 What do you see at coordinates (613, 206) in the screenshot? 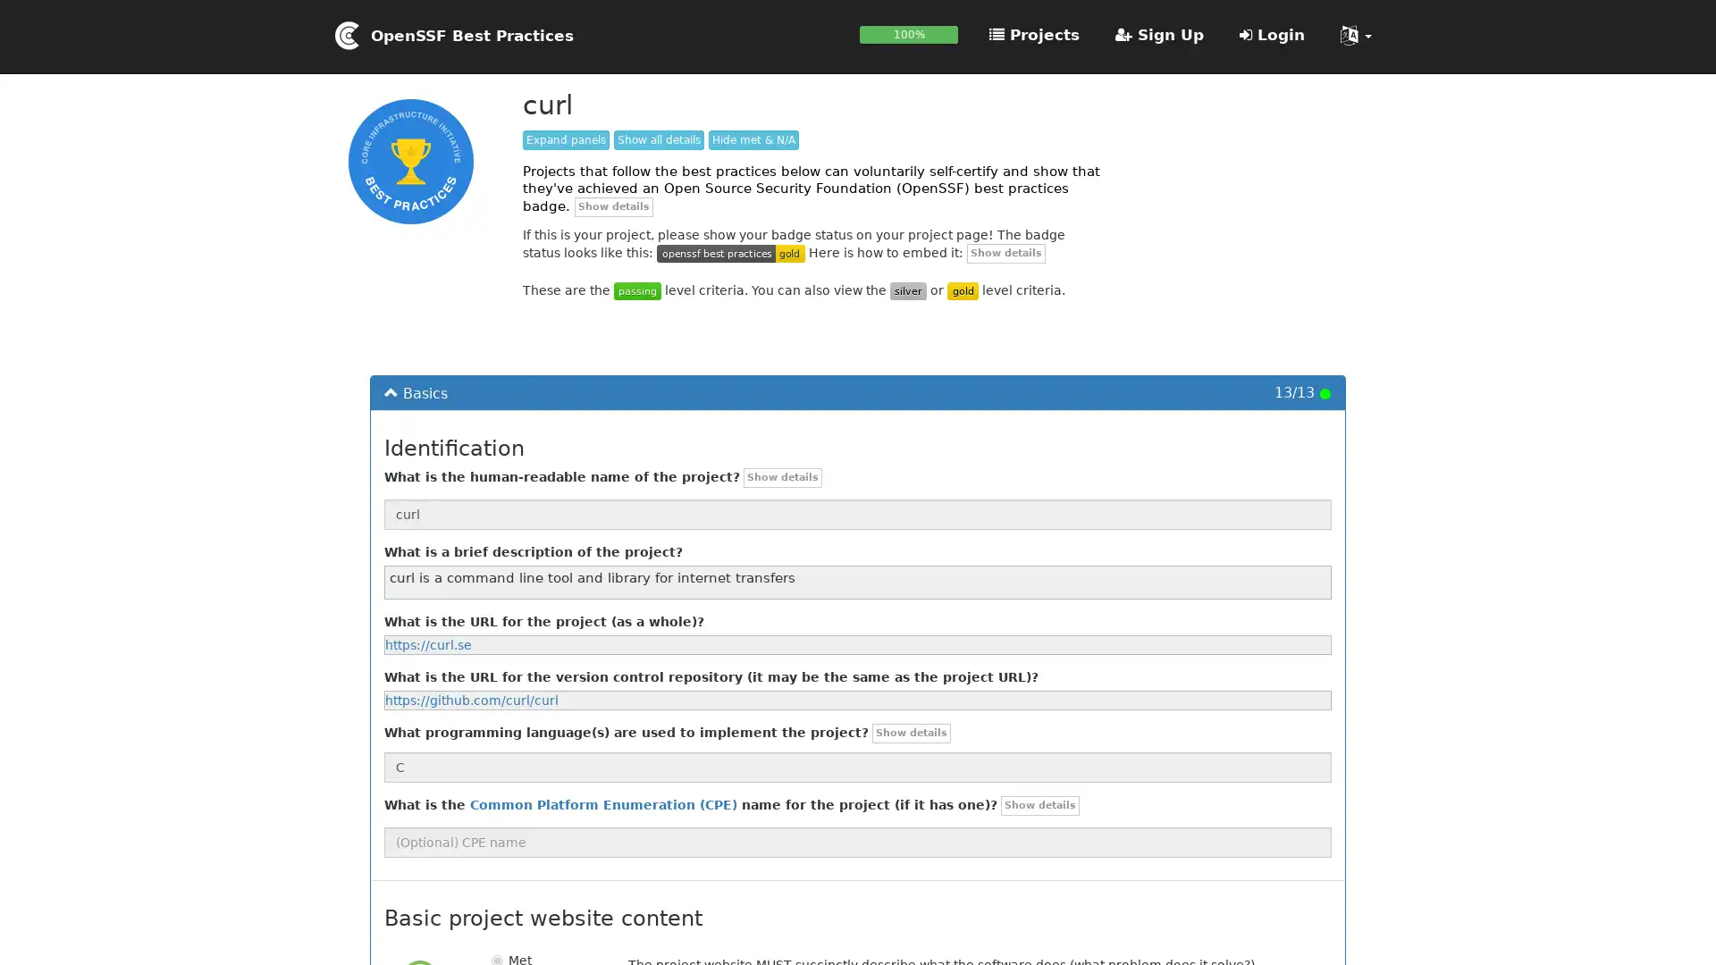
I see `Show details` at bounding box center [613, 206].